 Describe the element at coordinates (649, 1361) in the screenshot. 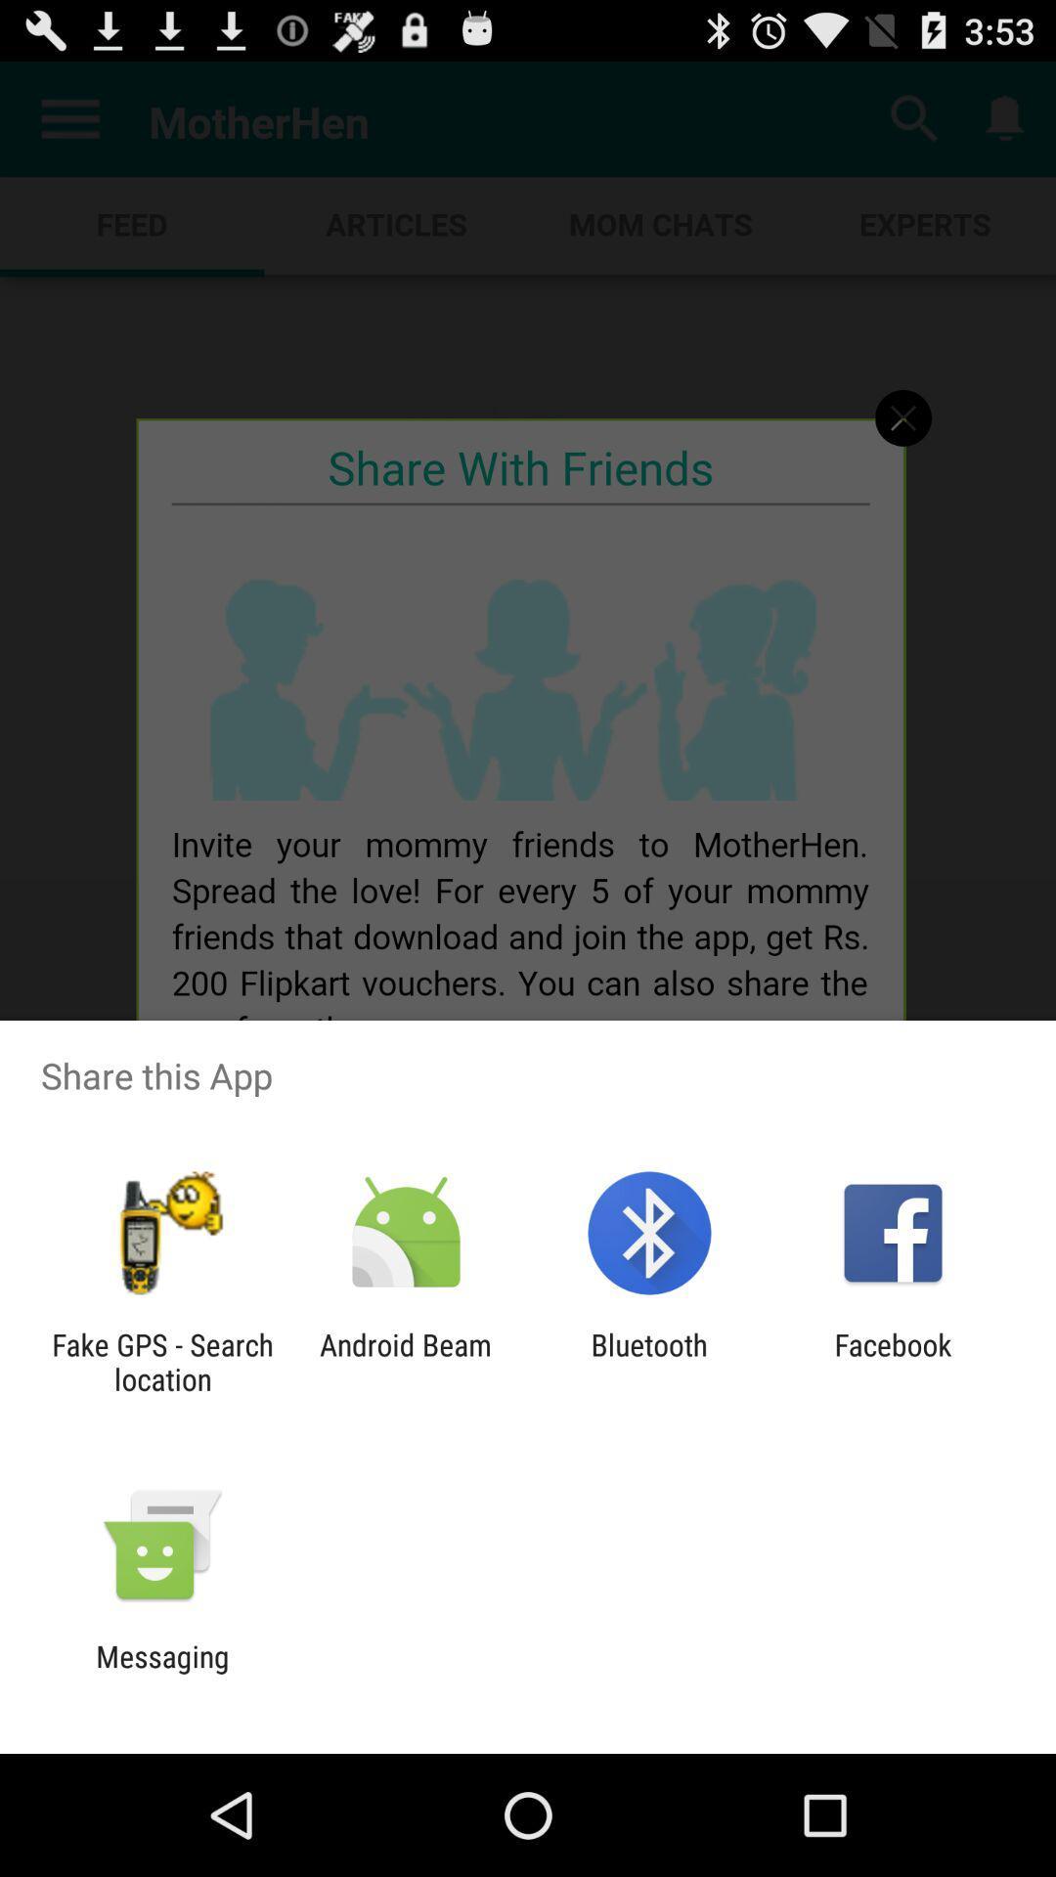

I see `icon next to the facebook app` at that location.